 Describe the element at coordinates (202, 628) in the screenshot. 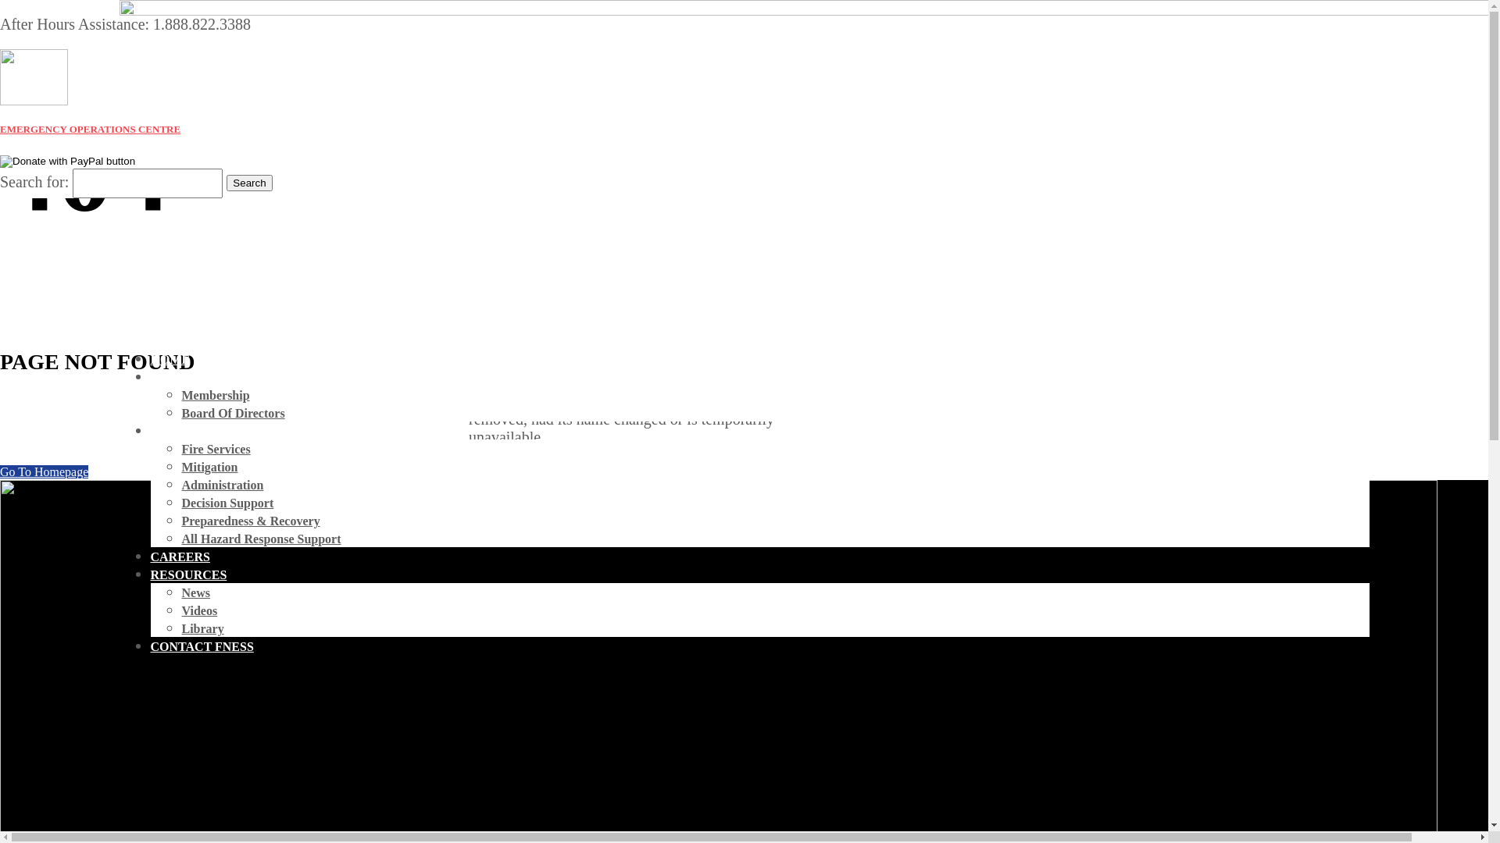

I see `'Library'` at that location.